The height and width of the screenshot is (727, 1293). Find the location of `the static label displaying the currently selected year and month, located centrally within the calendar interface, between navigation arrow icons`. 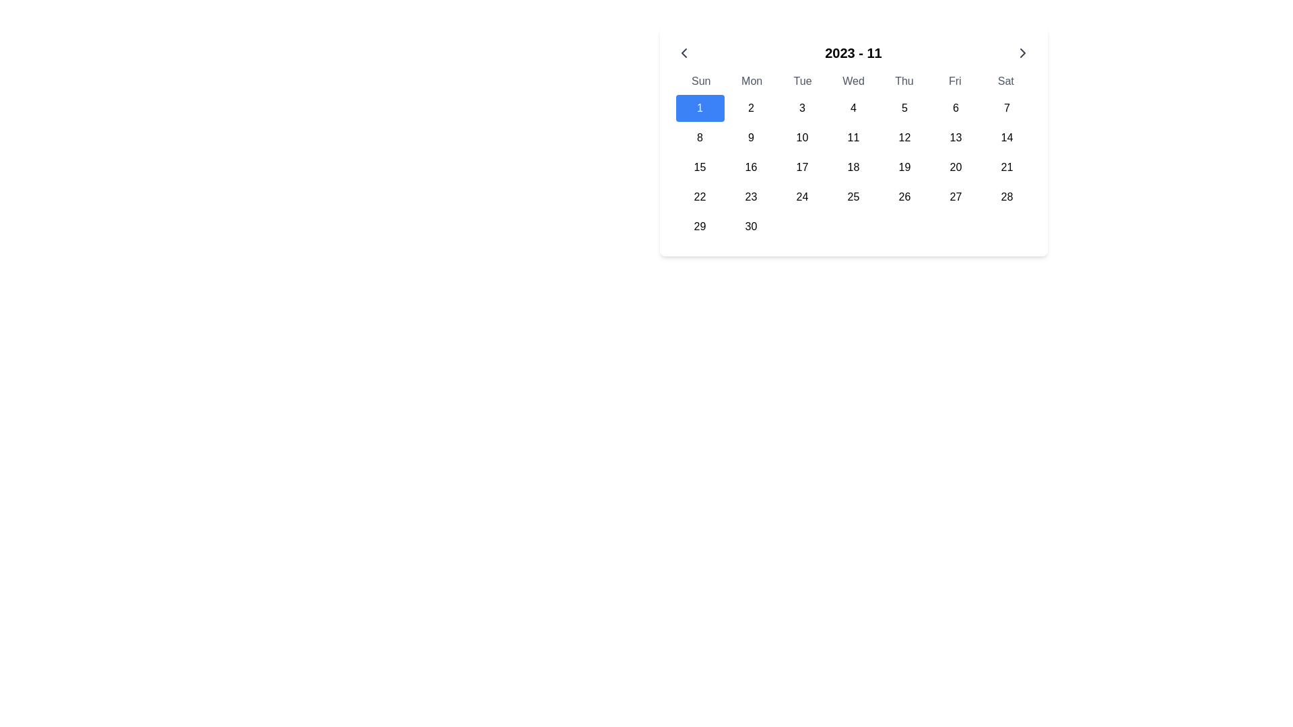

the static label displaying the currently selected year and month, located centrally within the calendar interface, between navigation arrow icons is located at coordinates (853, 52).